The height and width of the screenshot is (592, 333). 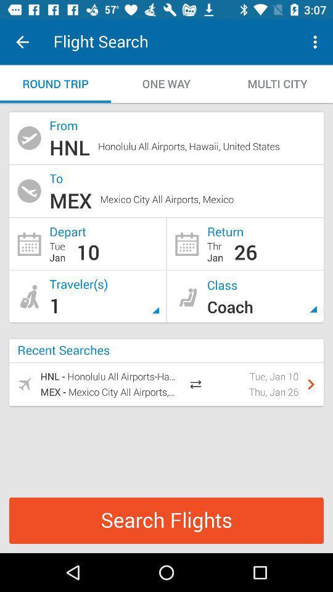 What do you see at coordinates (277, 83) in the screenshot?
I see `the item next to the one way item` at bounding box center [277, 83].